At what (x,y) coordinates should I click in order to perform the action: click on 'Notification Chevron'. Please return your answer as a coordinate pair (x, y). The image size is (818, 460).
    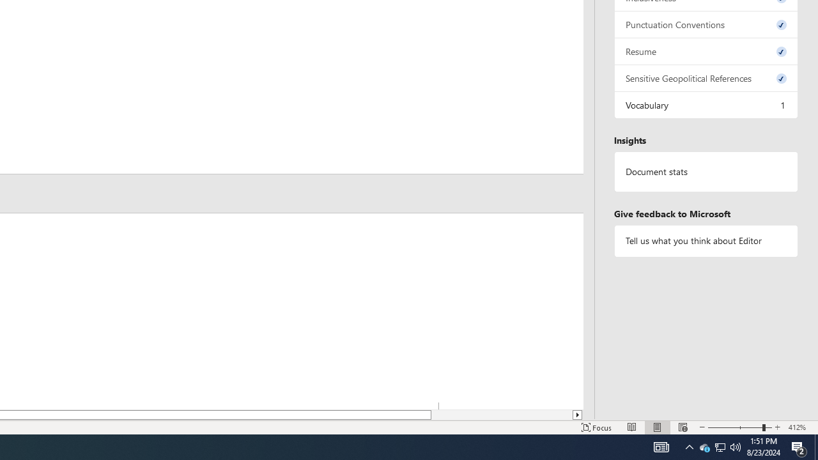
    Looking at the image, I should click on (689, 446).